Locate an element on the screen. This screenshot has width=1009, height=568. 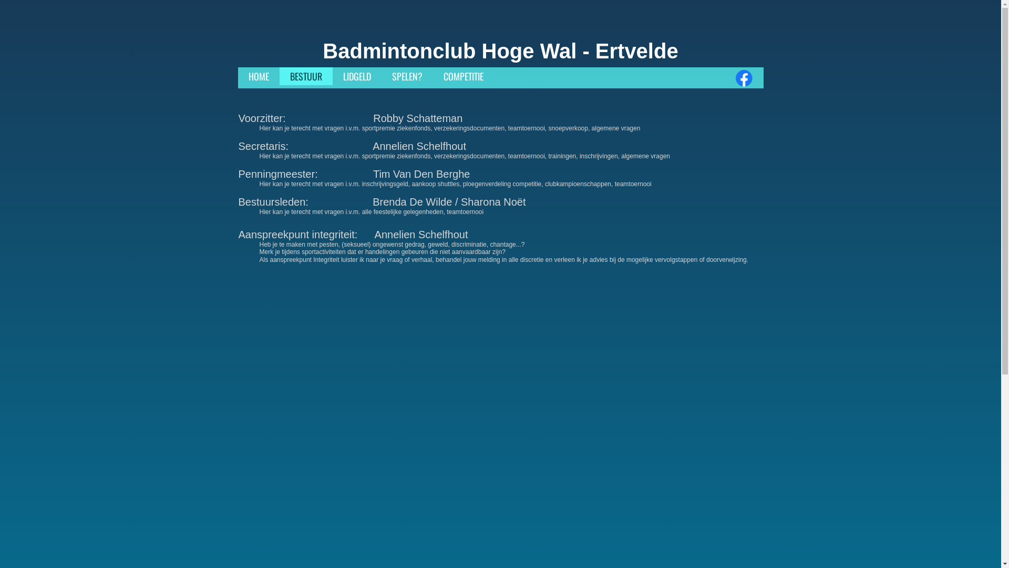
'SPELEN?' is located at coordinates (406, 76).